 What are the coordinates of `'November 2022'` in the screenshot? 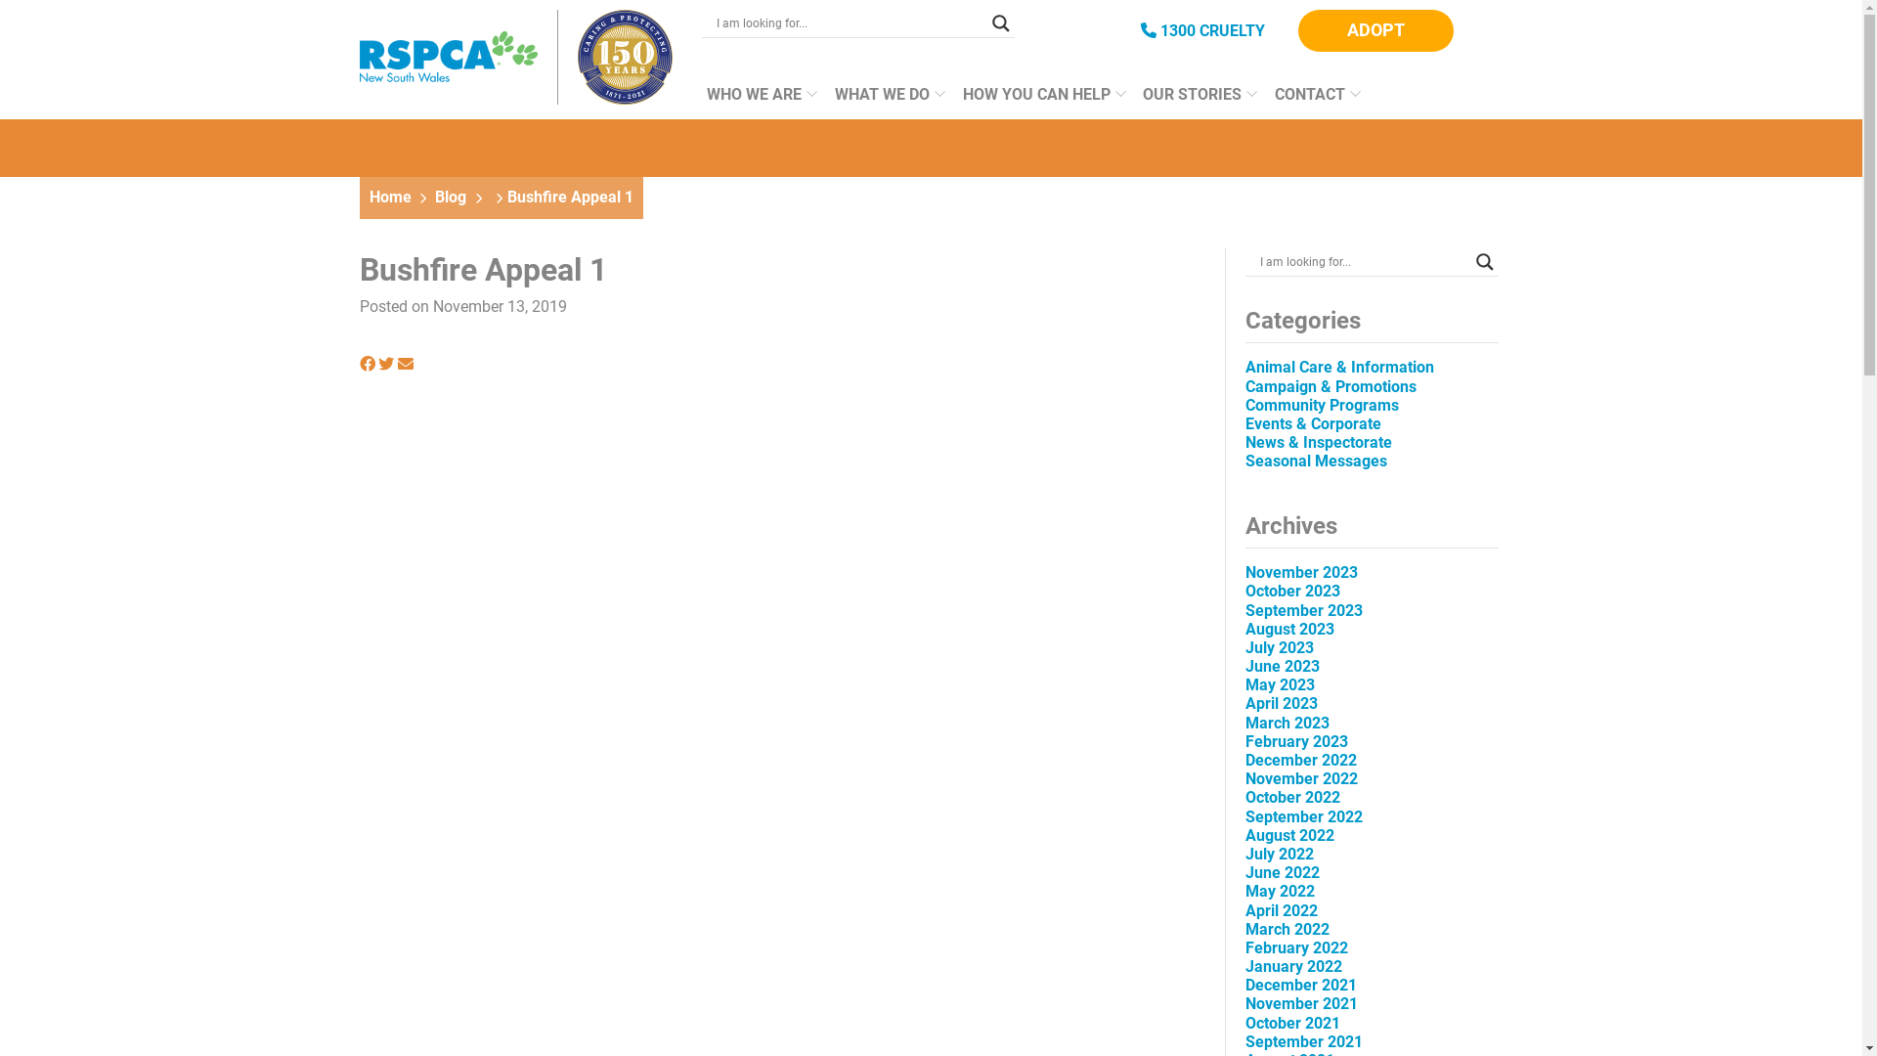 It's located at (1301, 777).